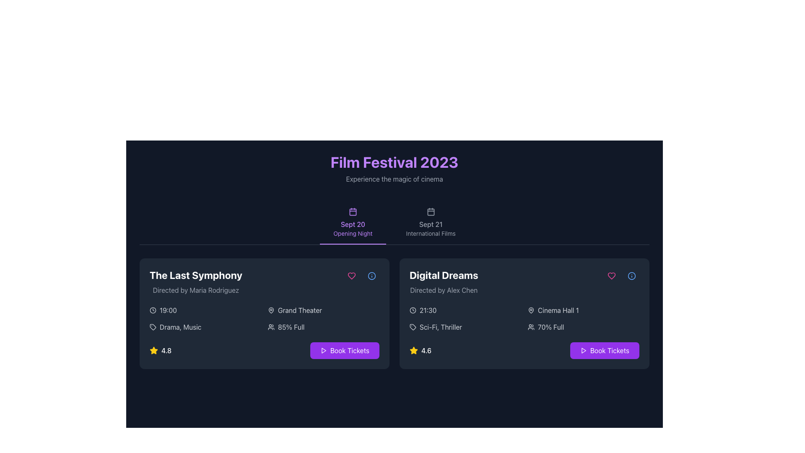  Describe the element at coordinates (431, 233) in the screenshot. I see `the descriptive text label that provides additional information about the calendar date event 'Sept 21', located immediately beneath it` at that location.